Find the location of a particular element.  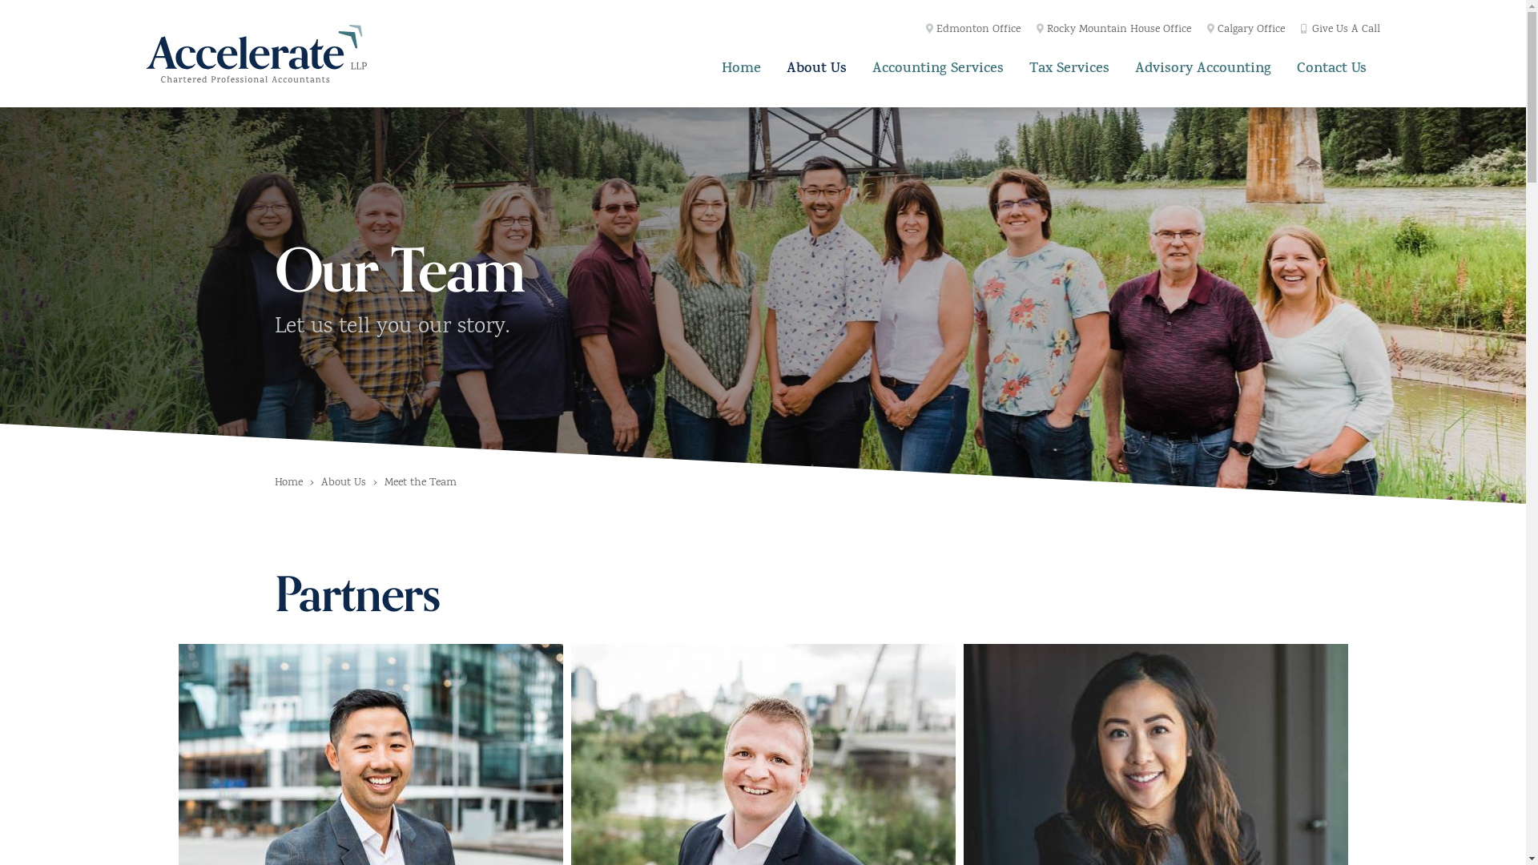

'Give Us A Call' is located at coordinates (1340, 30).